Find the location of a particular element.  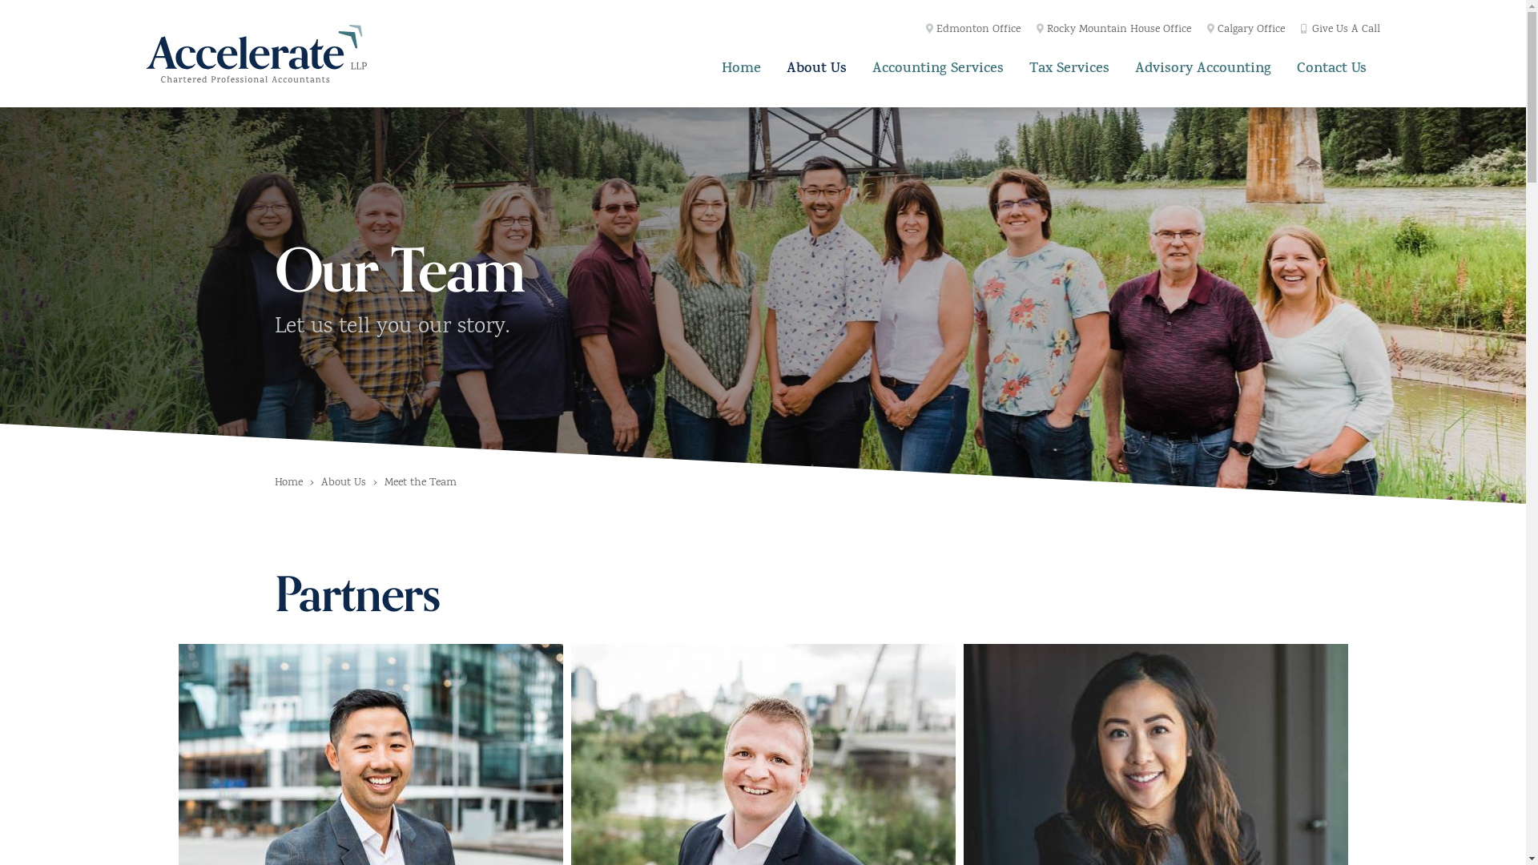

'Give Us A Call' is located at coordinates (1340, 30).